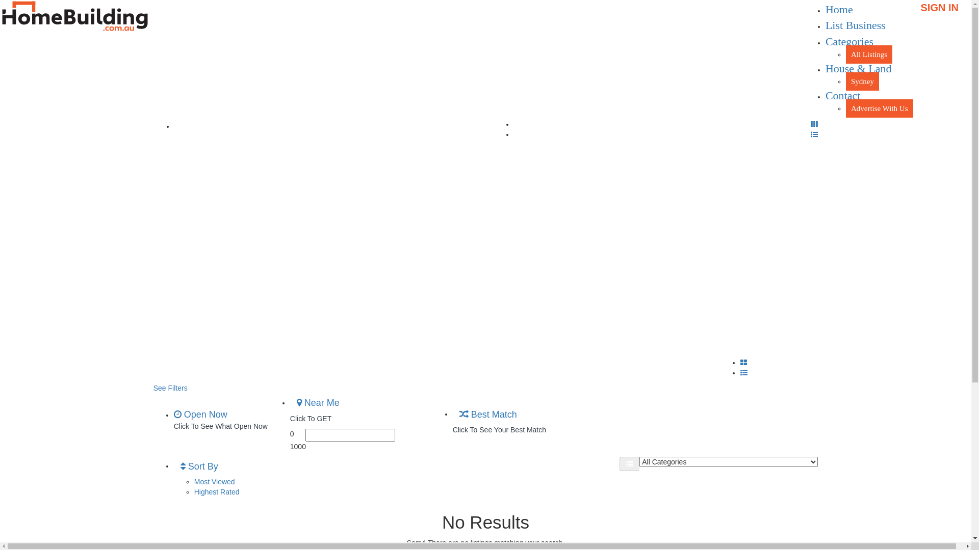 The image size is (979, 550). What do you see at coordinates (825, 95) in the screenshot?
I see `'Contact'` at bounding box center [825, 95].